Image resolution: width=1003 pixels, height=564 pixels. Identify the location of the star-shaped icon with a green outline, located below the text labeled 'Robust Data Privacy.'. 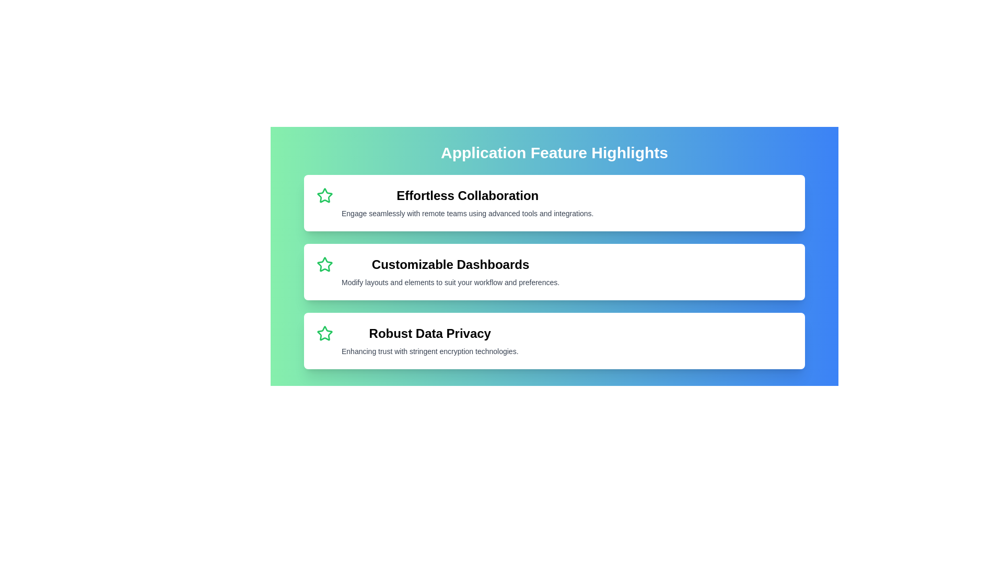
(324, 333).